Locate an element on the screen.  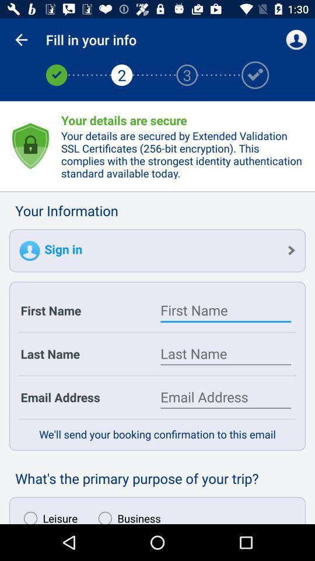
icon next to business is located at coordinates (47, 514).